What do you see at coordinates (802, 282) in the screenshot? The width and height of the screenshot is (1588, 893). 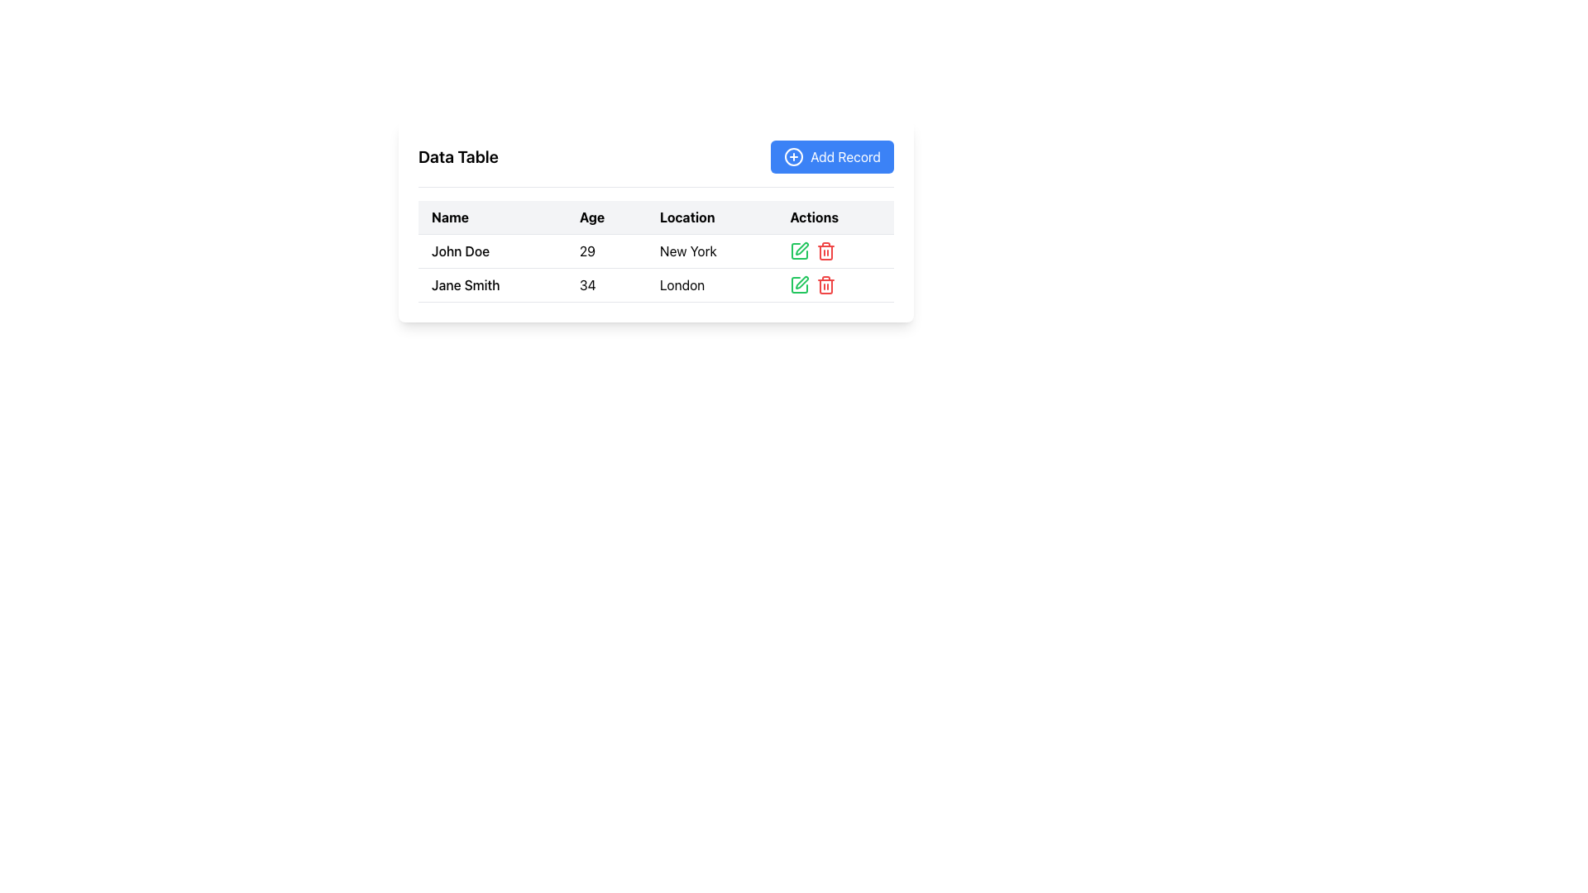 I see `the green edit button with a pen symbol located in the actions column of the second row of the data table, associated with the record for 'Jane Smith'` at bounding box center [802, 282].